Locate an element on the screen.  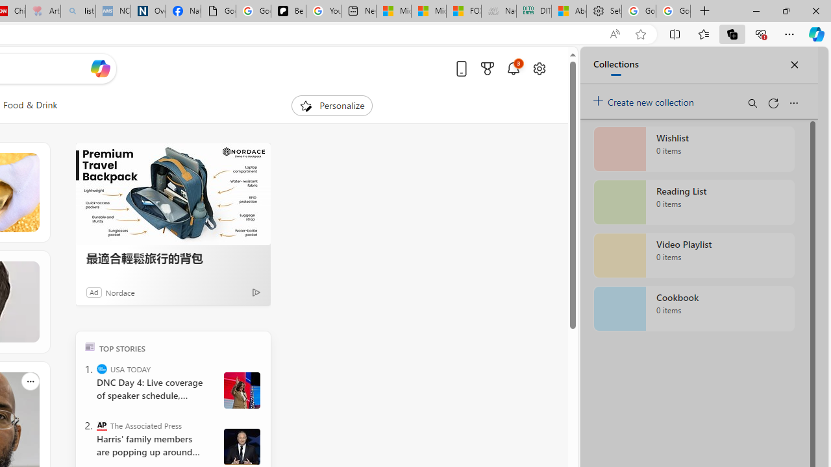
'Arthritis: Ask Health Professionals - Sleeping' is located at coordinates (43, 11).